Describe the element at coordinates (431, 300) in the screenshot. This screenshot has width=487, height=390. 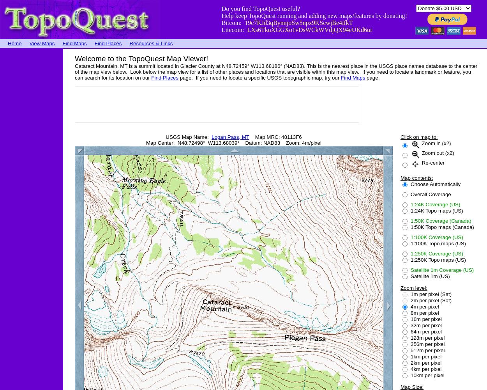
I see `'2m per pixel (Sat)'` at that location.